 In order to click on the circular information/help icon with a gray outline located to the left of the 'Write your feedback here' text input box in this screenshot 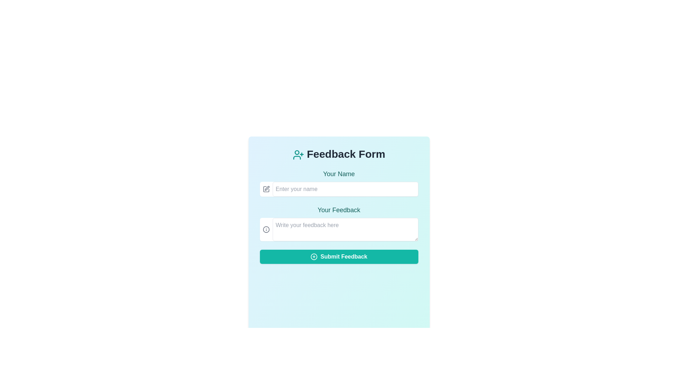, I will do `click(266, 230)`.